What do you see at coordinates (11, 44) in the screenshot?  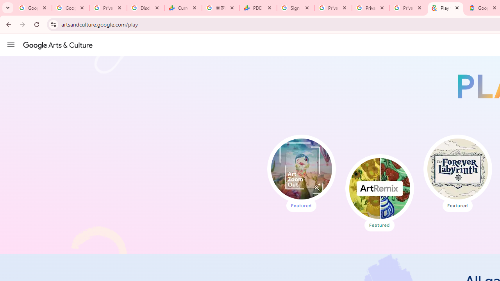 I see `'Menu'` at bounding box center [11, 44].